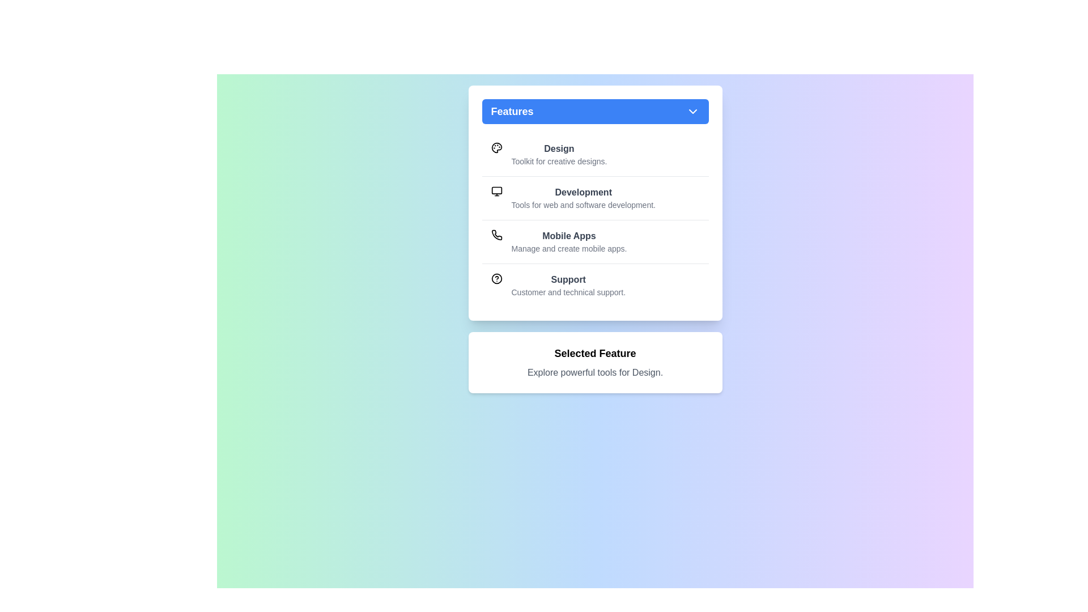  What do you see at coordinates (496, 279) in the screenshot?
I see `the icon for the feature Support` at bounding box center [496, 279].